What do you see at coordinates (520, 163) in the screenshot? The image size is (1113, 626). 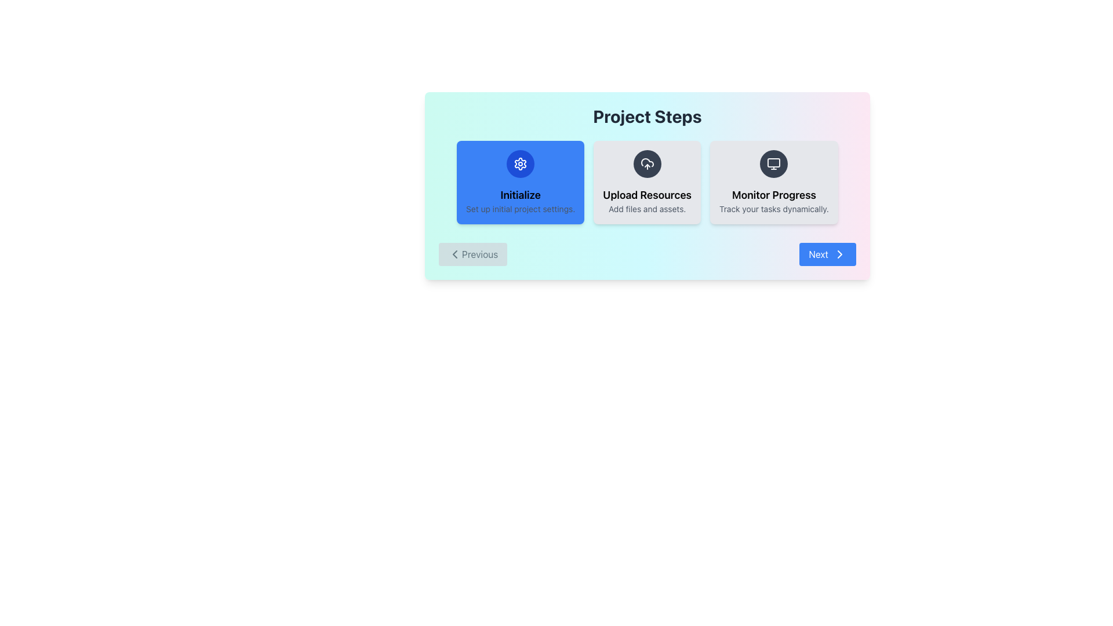 I see `the settings icon located at the top-center of the card labeled 'Initialize' in the 'Project Steps' panel` at bounding box center [520, 163].